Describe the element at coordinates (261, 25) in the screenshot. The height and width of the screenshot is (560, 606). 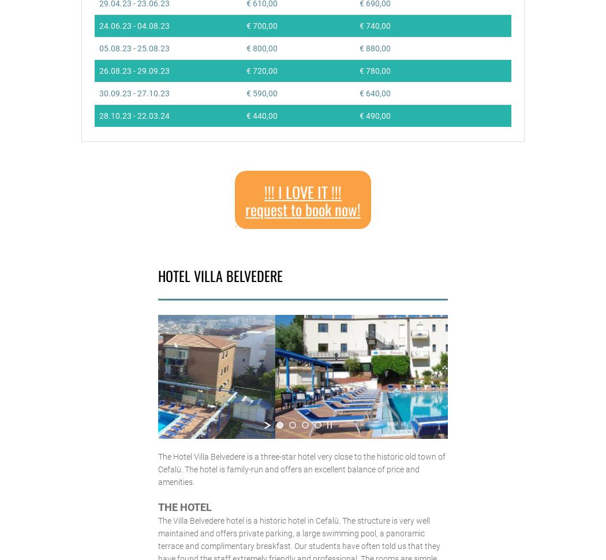
I see `'€ 700,00'` at that location.